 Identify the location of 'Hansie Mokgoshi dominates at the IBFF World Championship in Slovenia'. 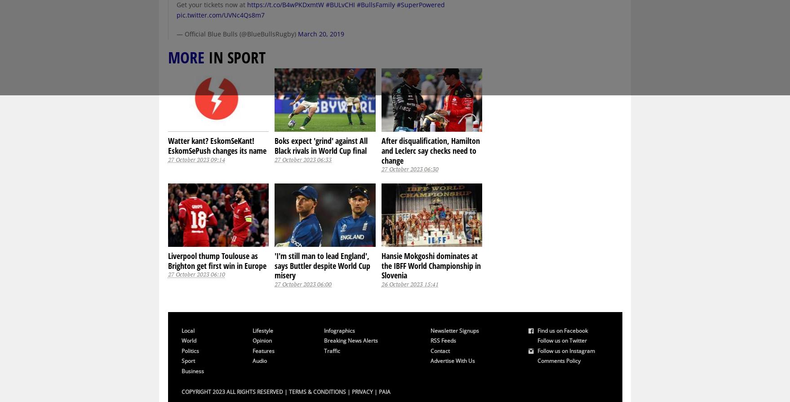
(431, 265).